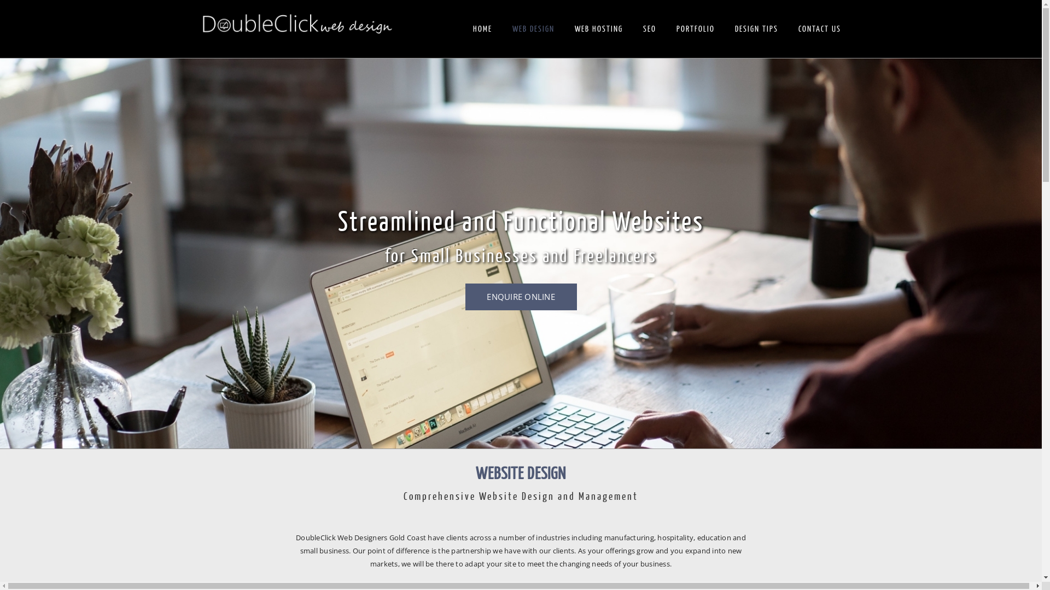 The height and width of the screenshot is (590, 1050). Describe the element at coordinates (520, 297) in the screenshot. I see `'ENQUIRE ONLINE'` at that location.